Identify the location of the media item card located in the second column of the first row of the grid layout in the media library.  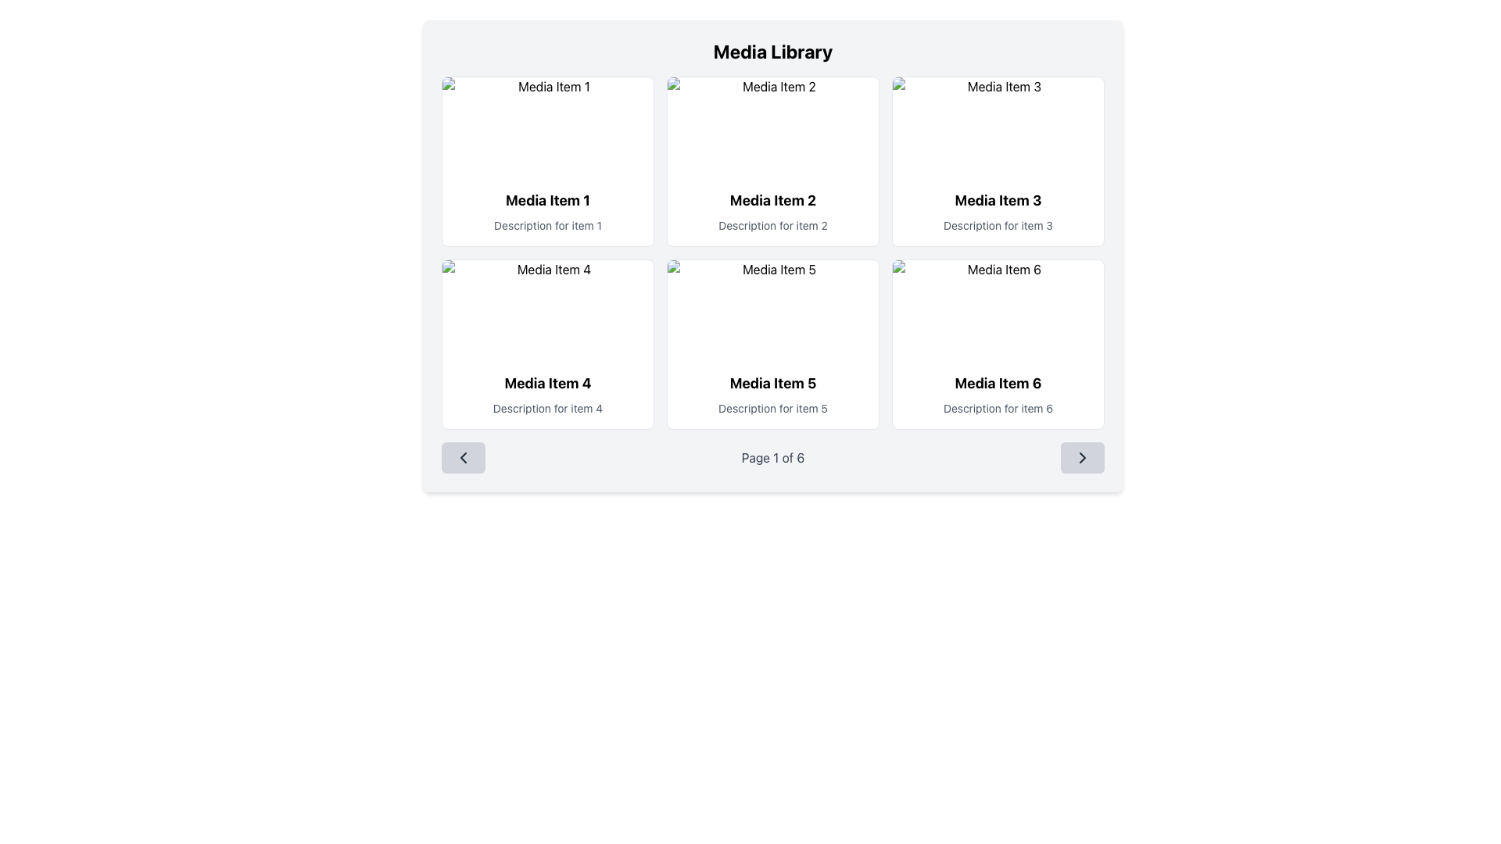
(772, 162).